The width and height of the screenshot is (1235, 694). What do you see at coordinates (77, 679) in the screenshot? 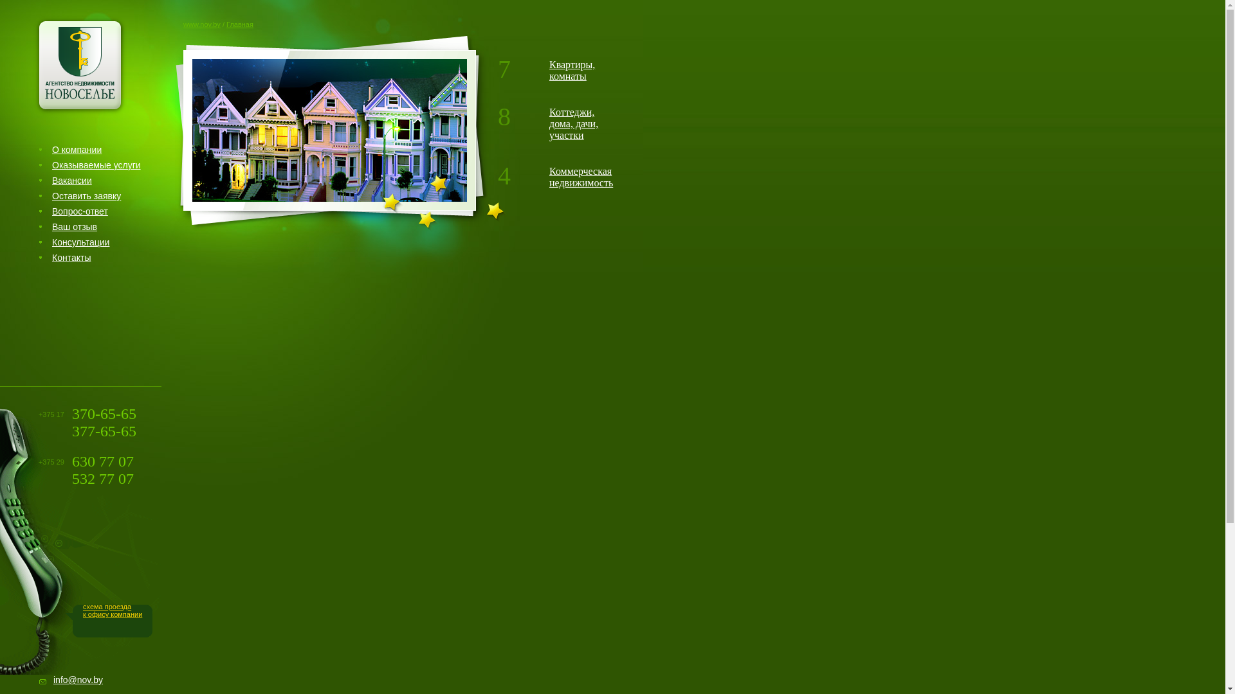
I see `'info@nov.by'` at bounding box center [77, 679].